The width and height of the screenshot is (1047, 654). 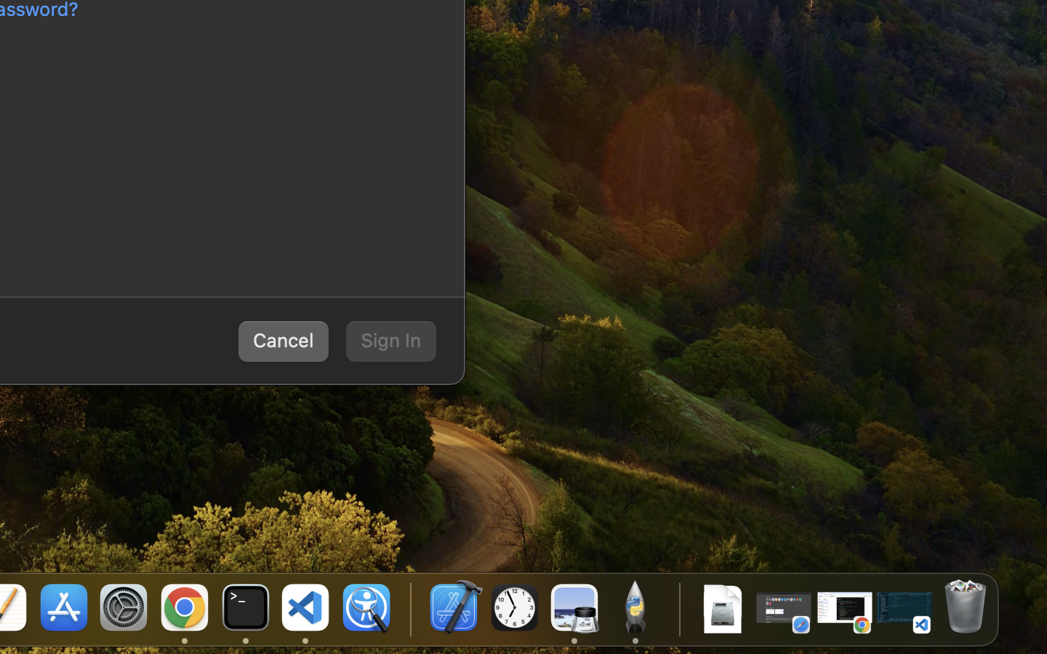 What do you see at coordinates (409, 608) in the screenshot?
I see `'0.4285714328289032'` at bounding box center [409, 608].